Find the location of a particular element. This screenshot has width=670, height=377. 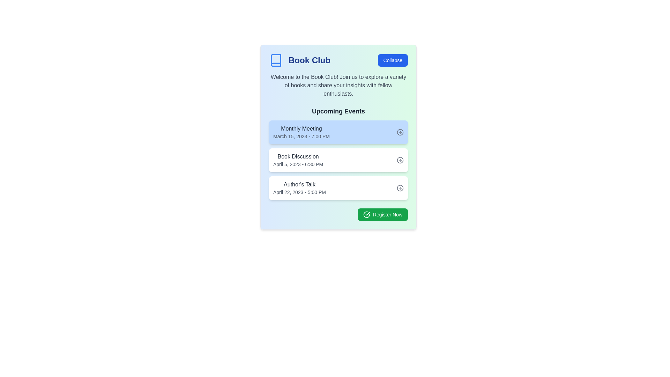

the informational card displaying event details that is positioned between the 'Monthly Meeting' and 'Author's Talk' cards in the 'Upcoming Events' section is located at coordinates (338, 153).